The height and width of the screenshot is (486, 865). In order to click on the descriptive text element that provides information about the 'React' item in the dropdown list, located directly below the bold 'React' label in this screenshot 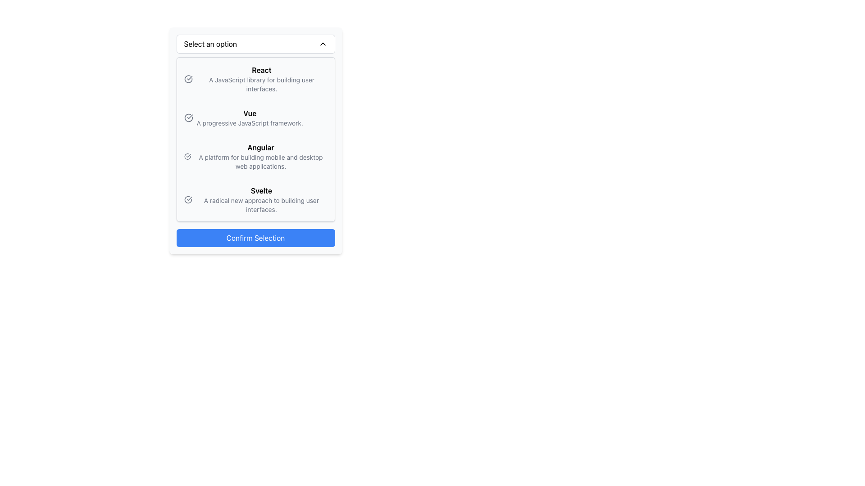, I will do `click(261, 85)`.